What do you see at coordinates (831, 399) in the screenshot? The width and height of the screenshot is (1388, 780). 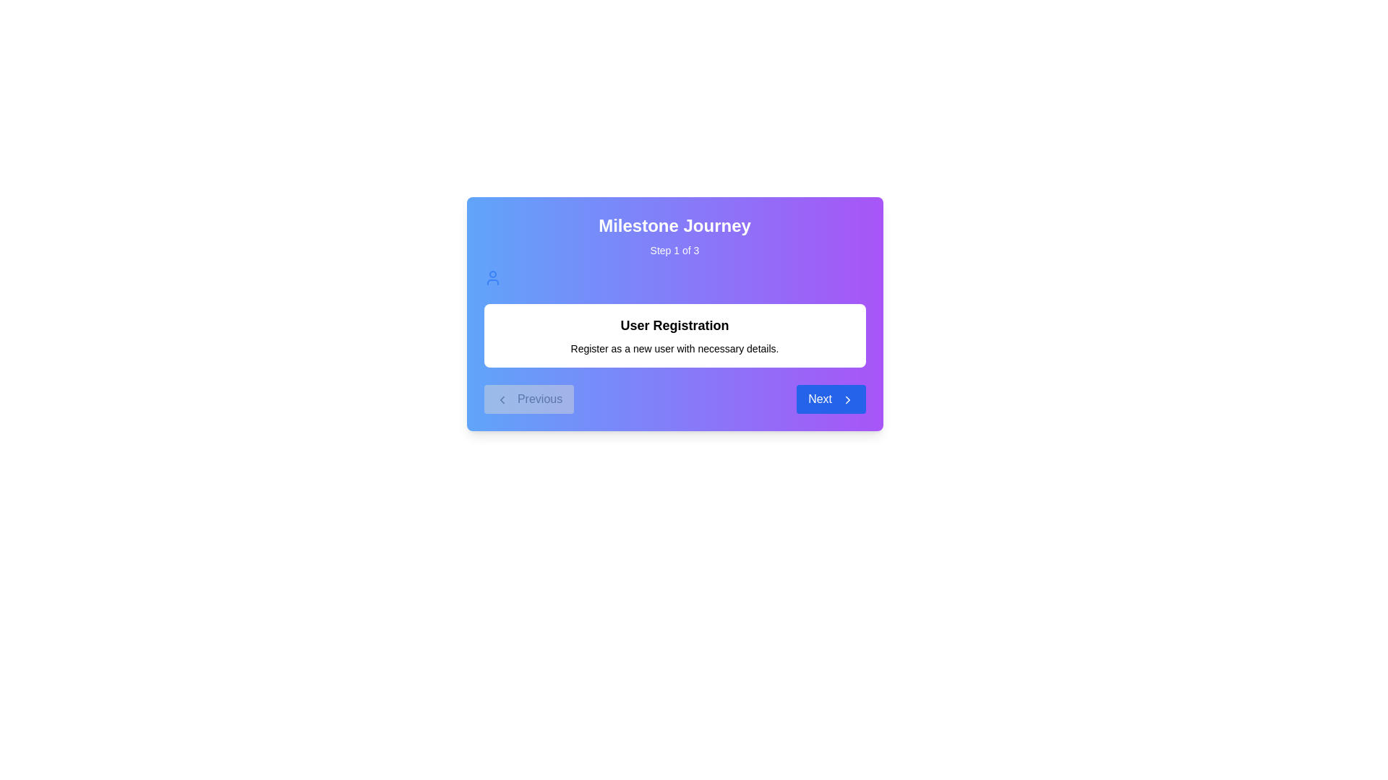 I see `the 'Next' button, which is styled with rounded corners, a blue background, and white text, to observe its hover effects` at bounding box center [831, 399].